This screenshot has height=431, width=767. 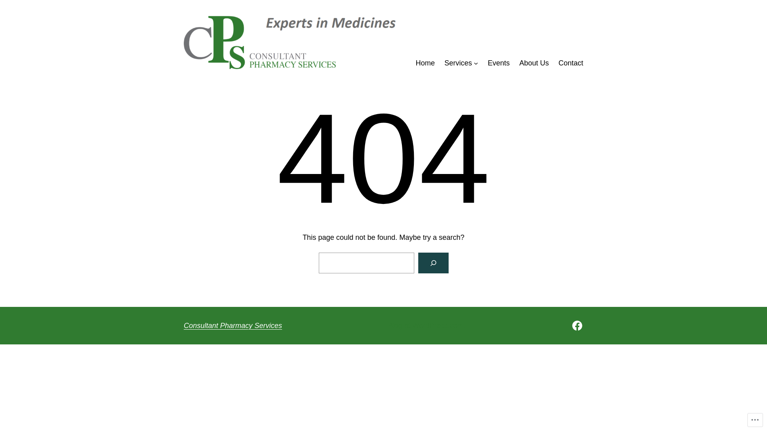 What do you see at coordinates (458, 63) in the screenshot?
I see `'Services'` at bounding box center [458, 63].